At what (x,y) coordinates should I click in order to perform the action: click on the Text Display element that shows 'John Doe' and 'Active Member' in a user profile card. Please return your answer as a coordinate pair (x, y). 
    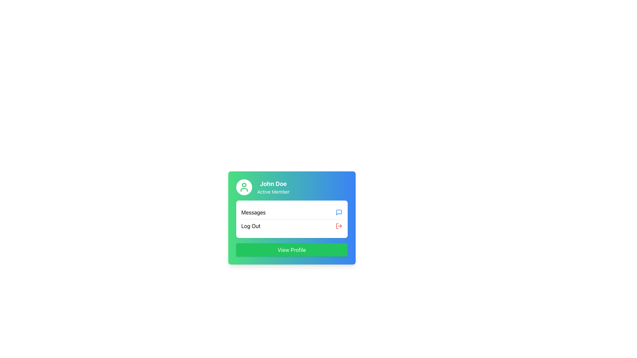
    Looking at the image, I should click on (273, 187).